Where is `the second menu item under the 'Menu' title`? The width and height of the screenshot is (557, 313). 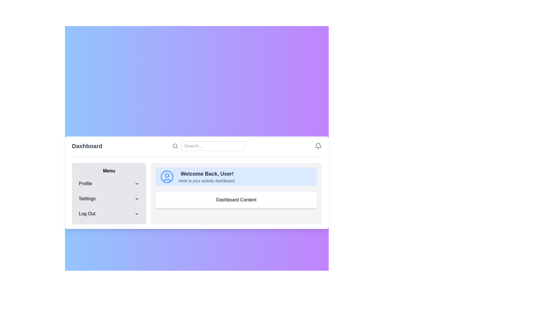 the second menu item under the 'Menu' title is located at coordinates (109, 198).